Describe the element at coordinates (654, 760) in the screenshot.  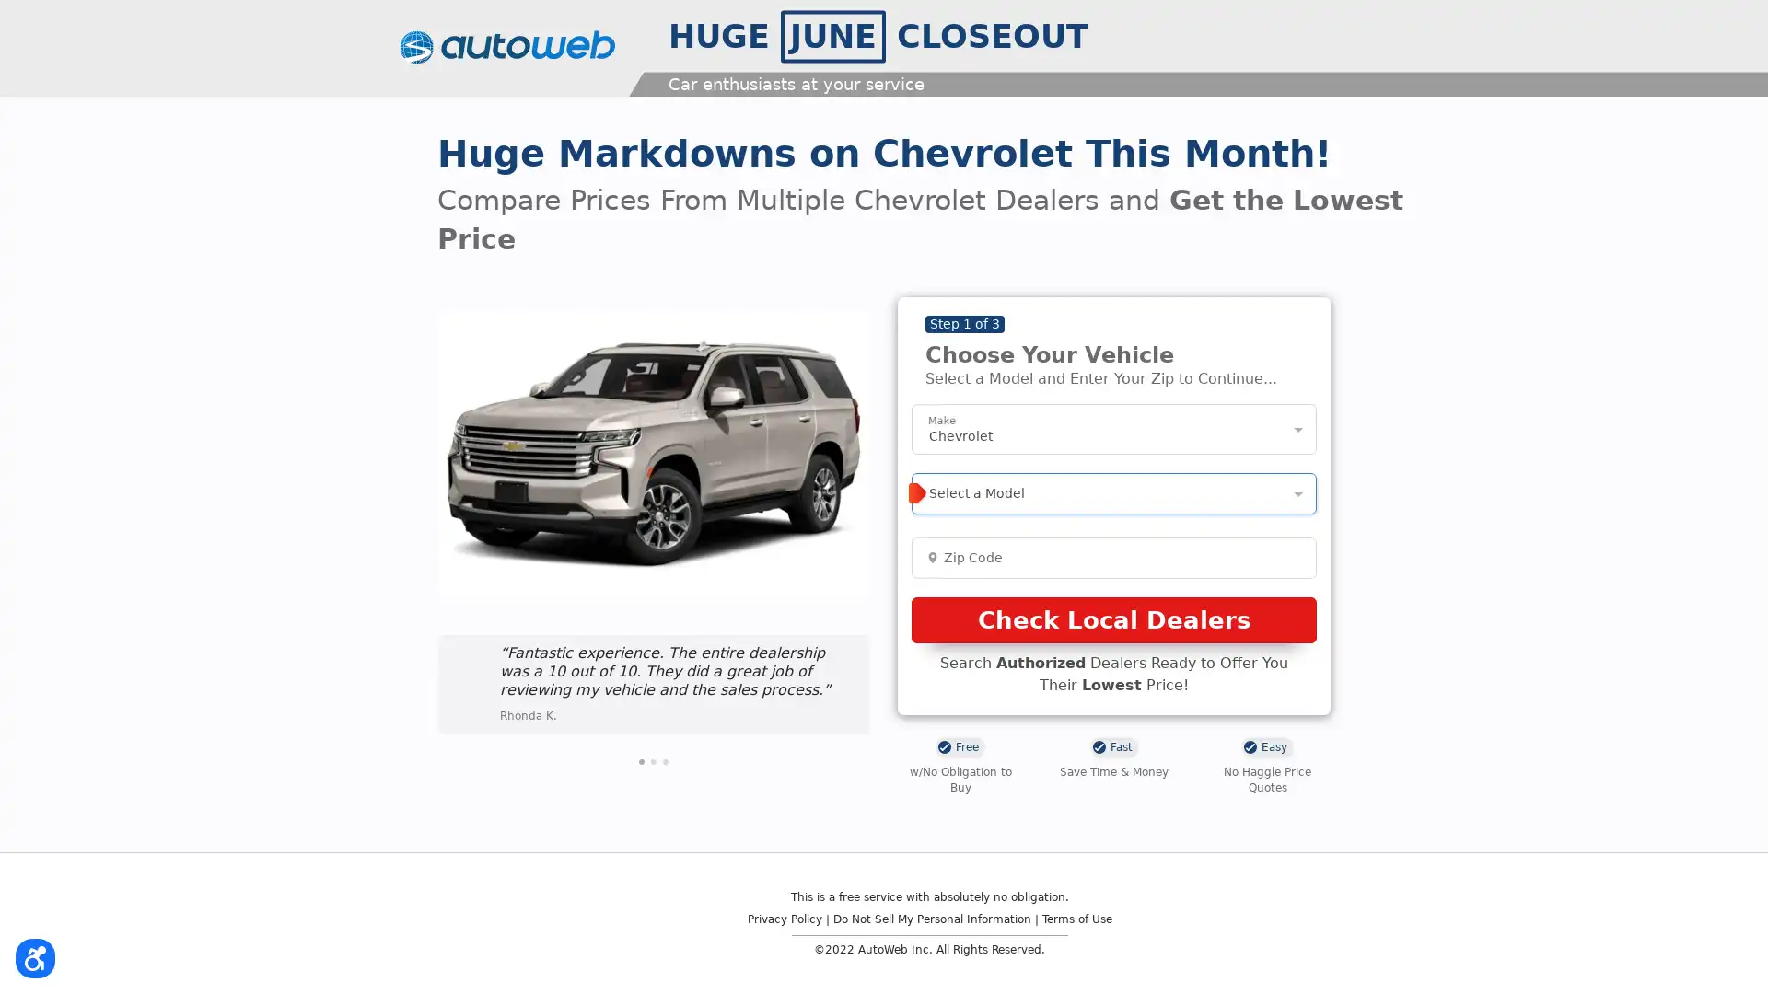
I see `Carousel Page 2` at that location.